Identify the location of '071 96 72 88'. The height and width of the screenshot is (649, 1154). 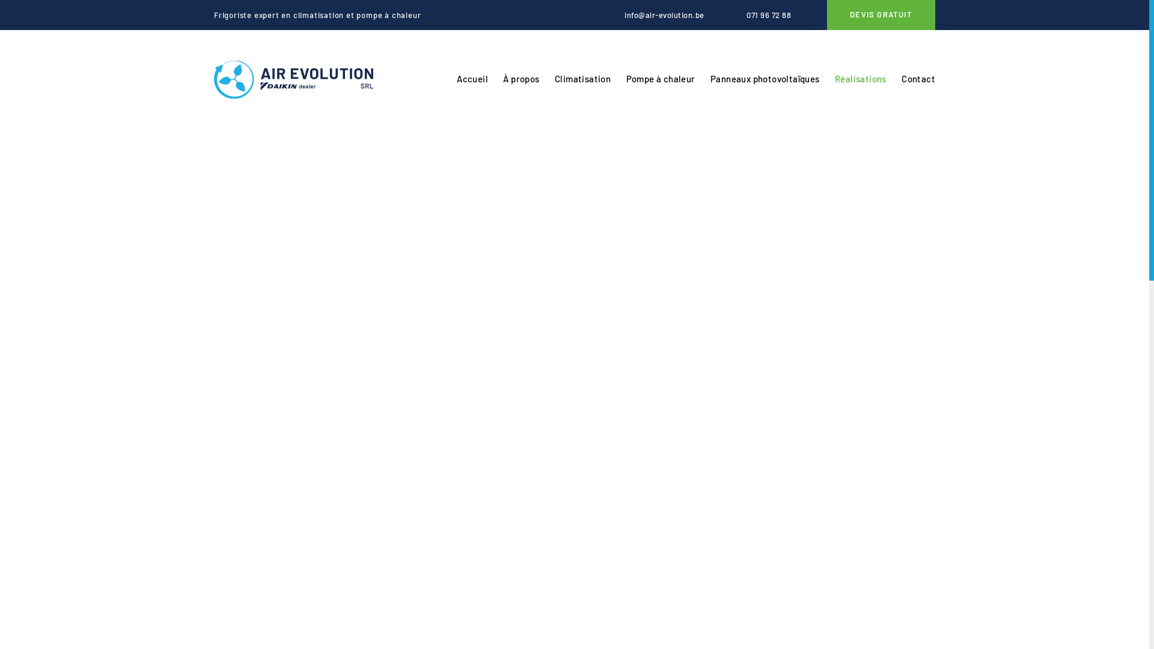
(759, 14).